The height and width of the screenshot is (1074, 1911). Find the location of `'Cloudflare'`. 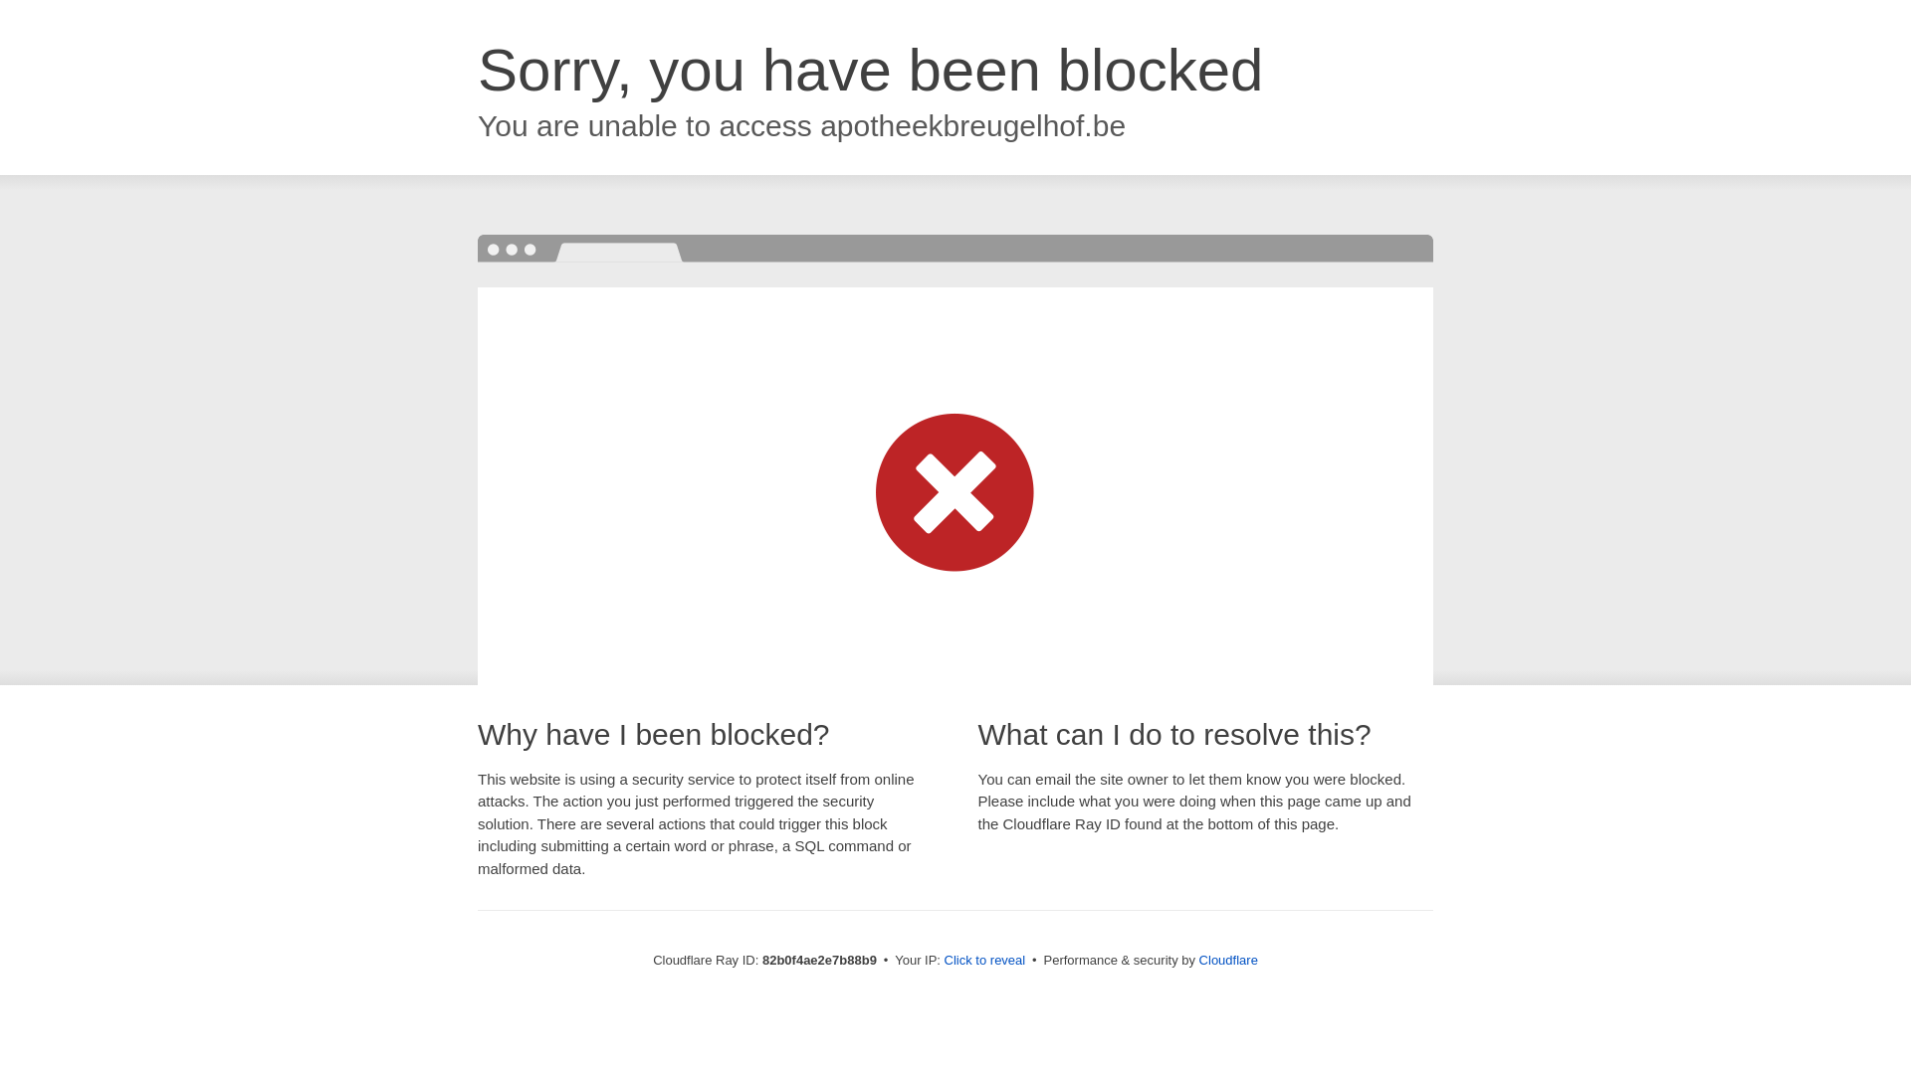

'Cloudflare' is located at coordinates (1227, 959).